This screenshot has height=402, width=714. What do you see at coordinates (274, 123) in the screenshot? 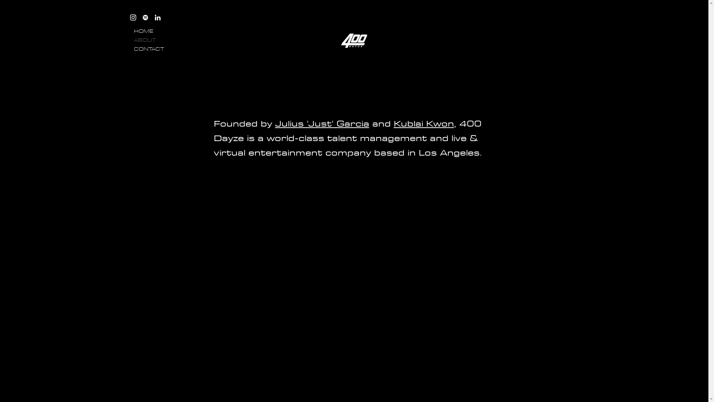
I see `'Julius 'Just' Garcia'` at bounding box center [274, 123].